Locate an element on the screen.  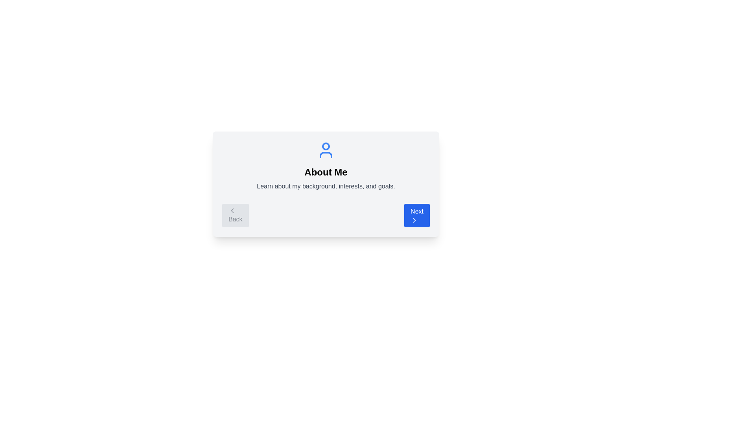
the 'About Me' heading text element, which is styled in bold and centered, located directly below a blue user-like icon and above descriptive text is located at coordinates (326, 172).